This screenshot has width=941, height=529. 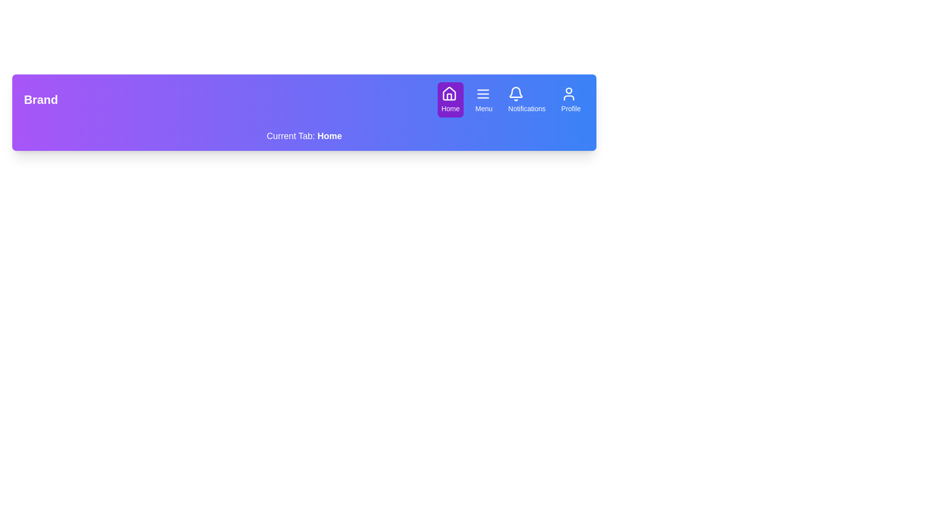 I want to click on the circular shape element within the SVG graphic that enhances the user profile icon, located in the upper-right corner of the navigation bar, adjacent to the 'Profile' text label, so click(x=569, y=91).